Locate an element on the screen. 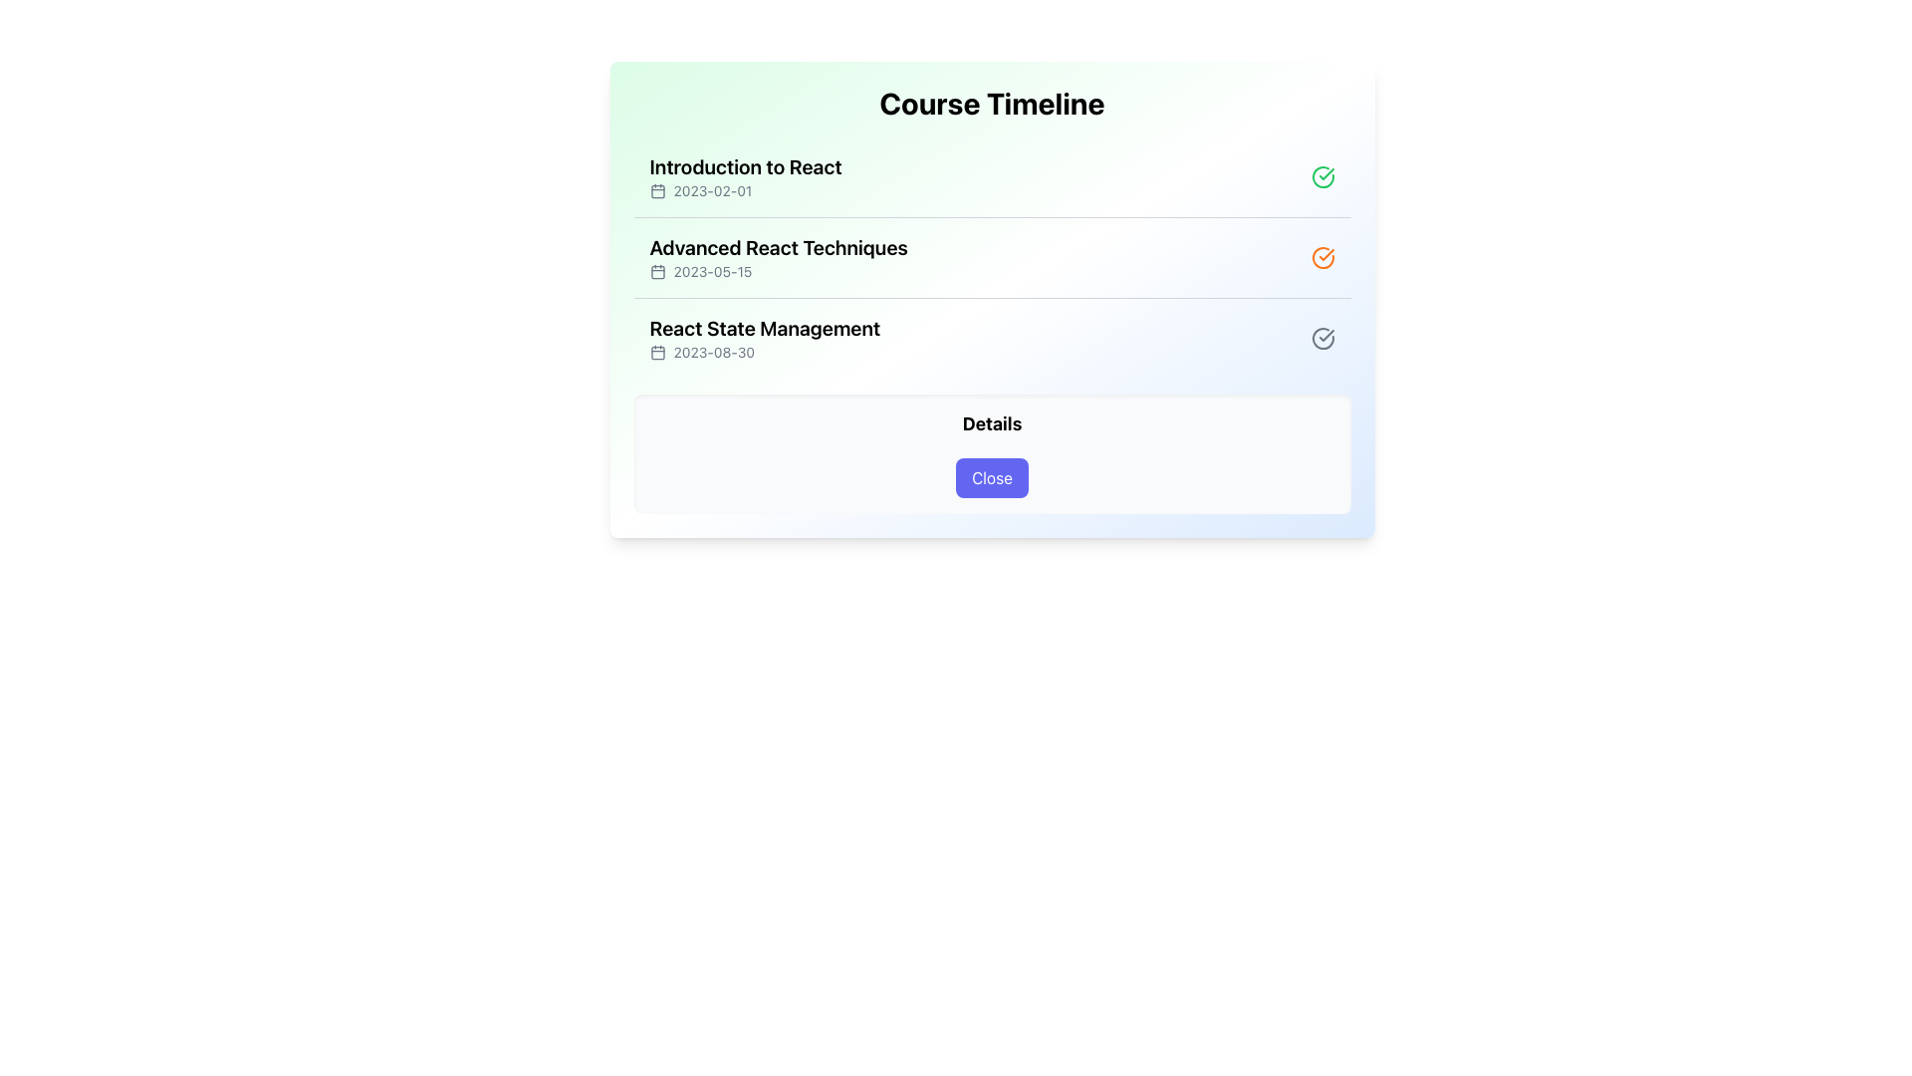 The height and width of the screenshot is (1076, 1912). text from the title of the course timeline section, which is located at the top of the course timeline box, centered horizontally with the box is located at coordinates (992, 104).